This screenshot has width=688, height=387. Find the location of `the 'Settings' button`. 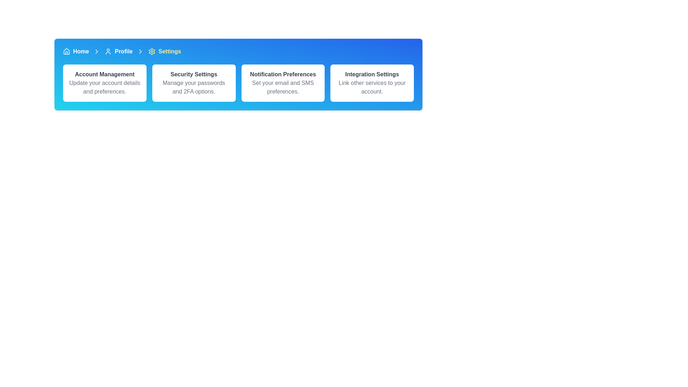

the 'Settings' button is located at coordinates (164, 51).